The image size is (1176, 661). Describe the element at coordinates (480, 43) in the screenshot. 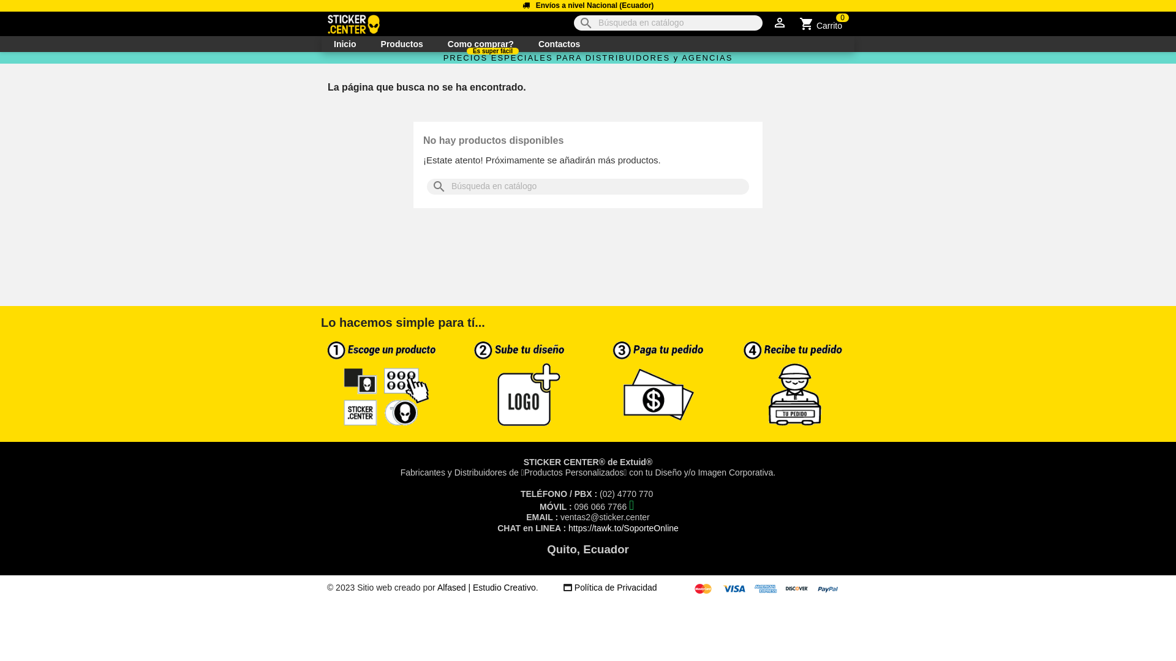

I see `'Como comprar?'` at that location.